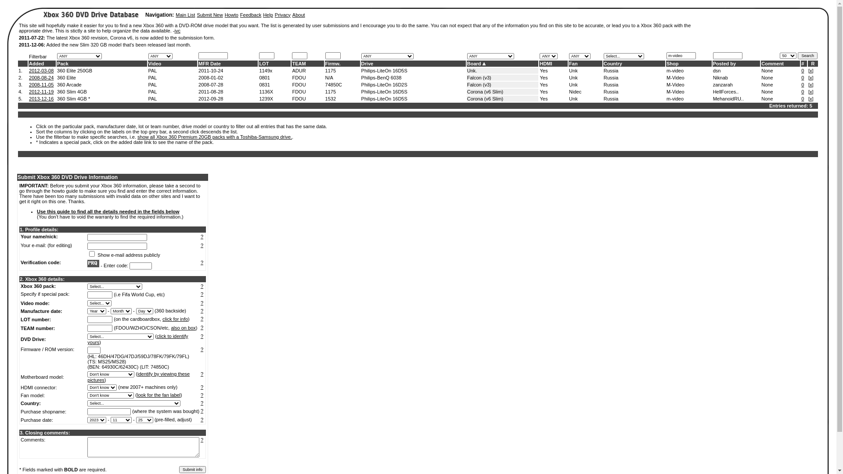  Describe the element at coordinates (41, 70) in the screenshot. I see `'2012-03-08'` at that location.